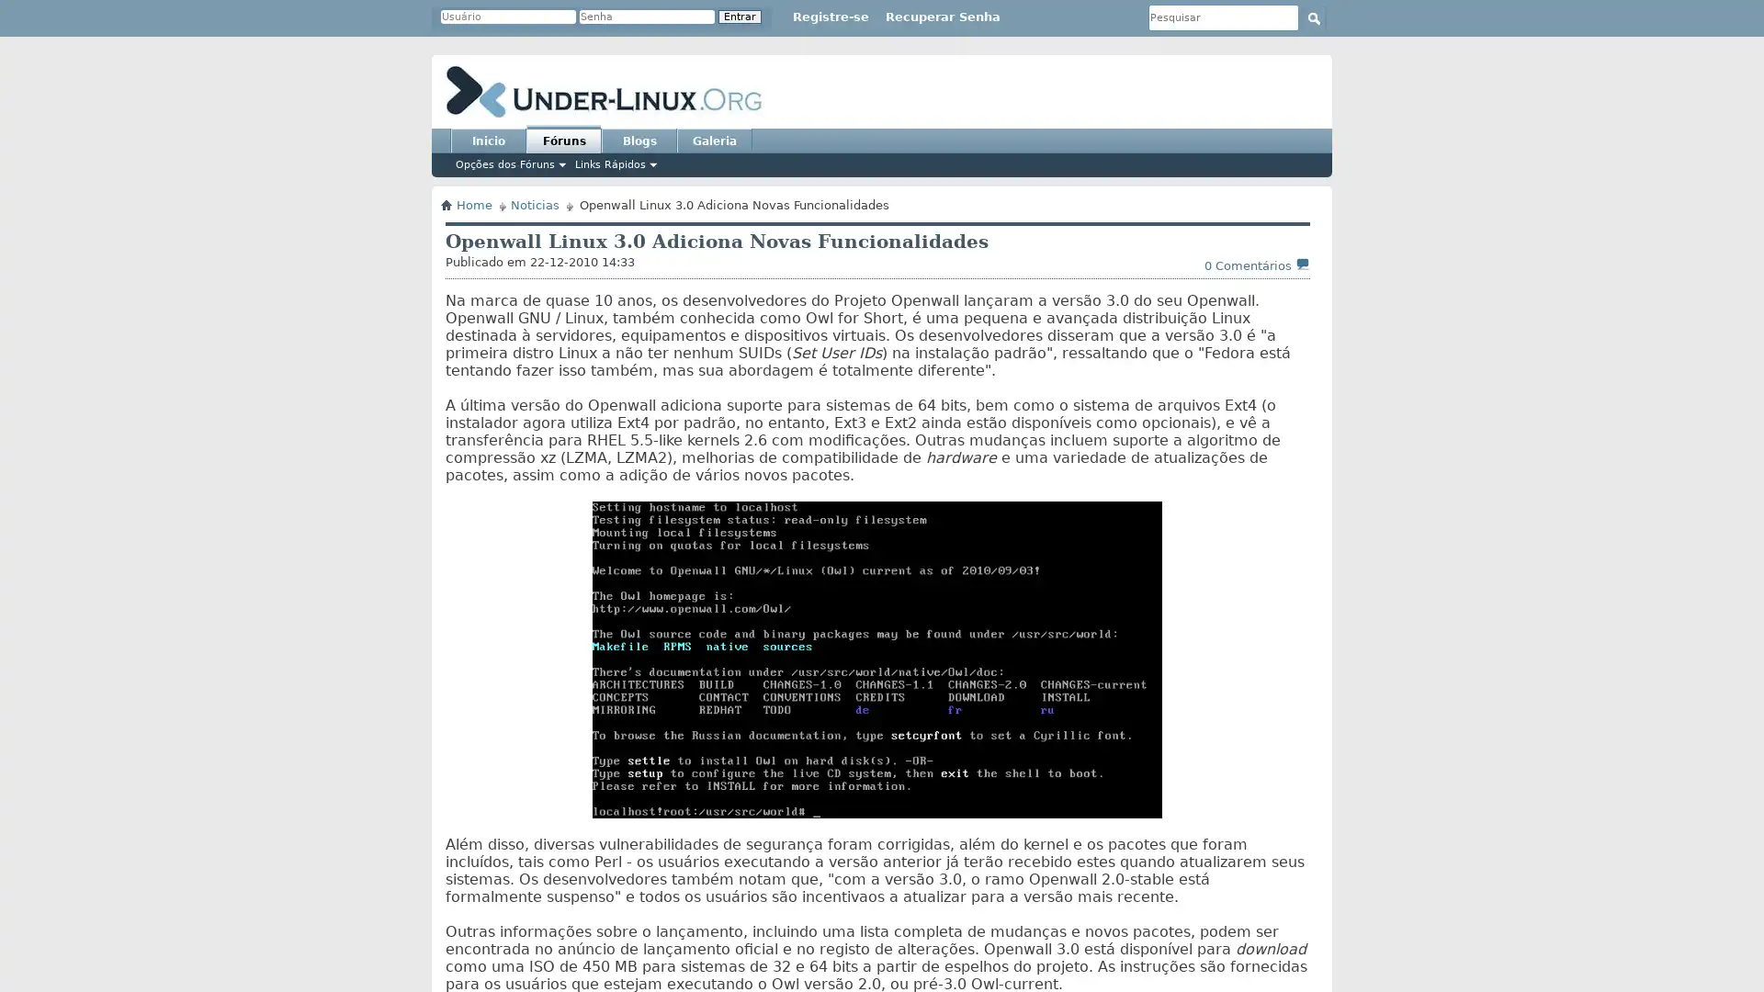  Describe the element at coordinates (740, 17) in the screenshot. I see `Entrar` at that location.